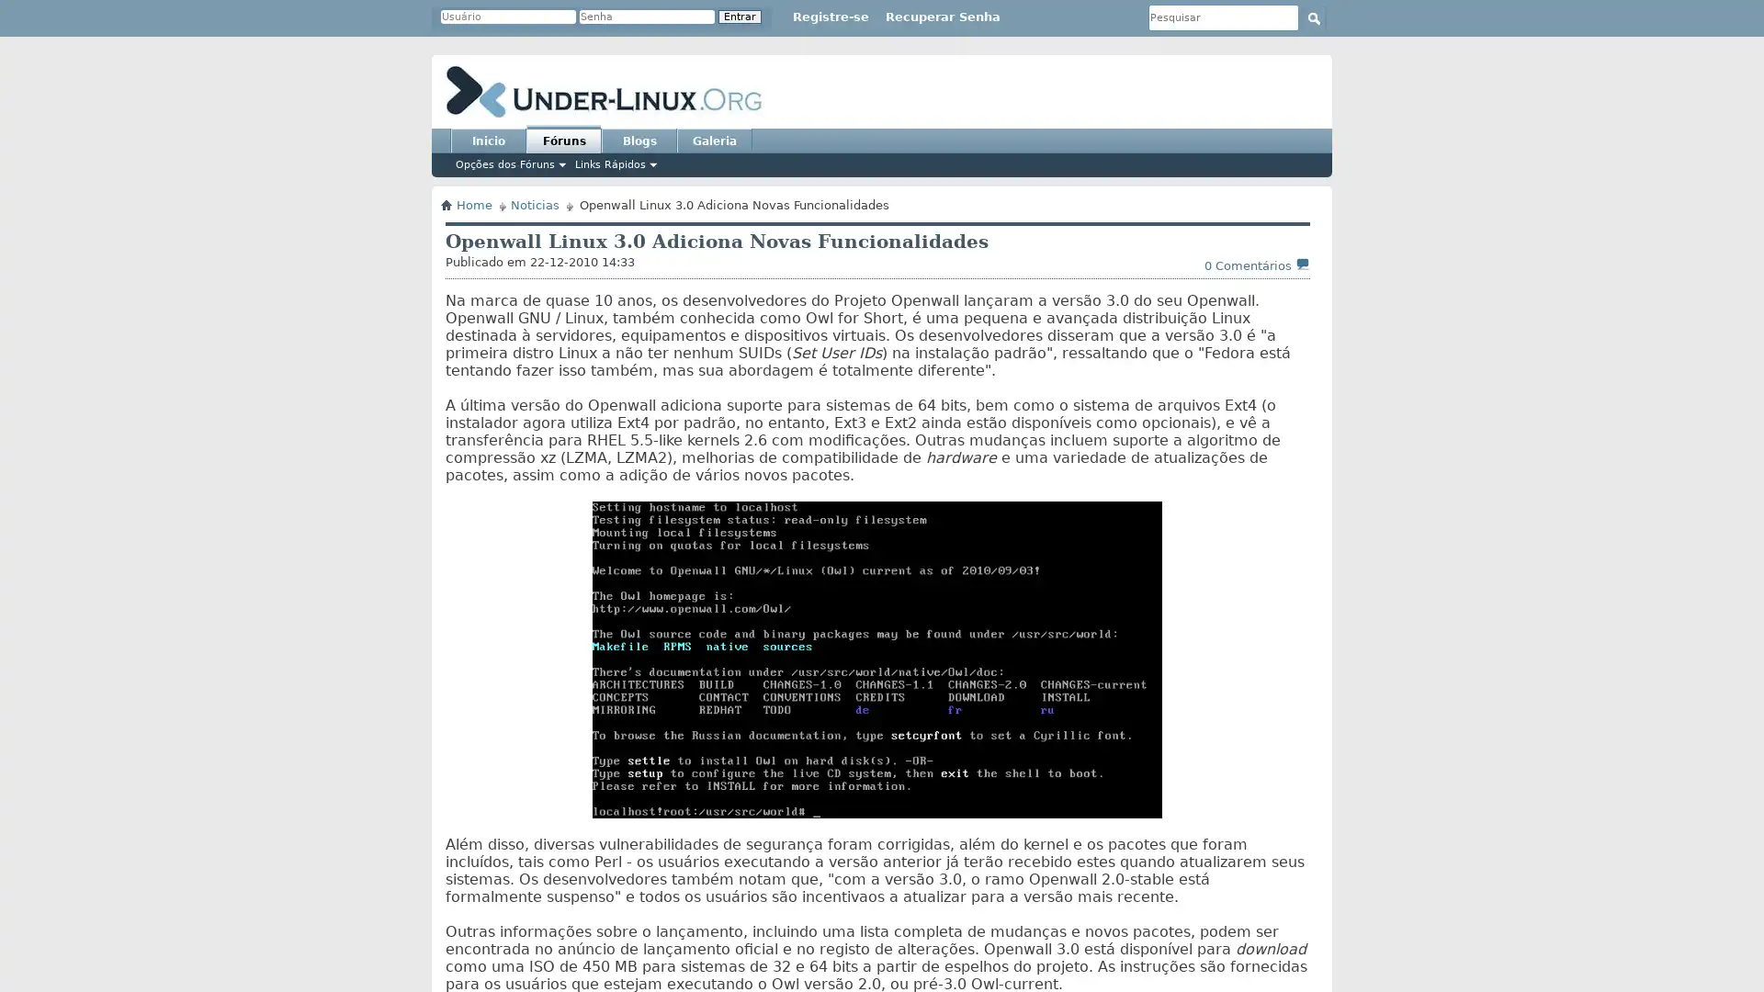  Describe the element at coordinates (740, 17) in the screenshot. I see `Entrar` at that location.